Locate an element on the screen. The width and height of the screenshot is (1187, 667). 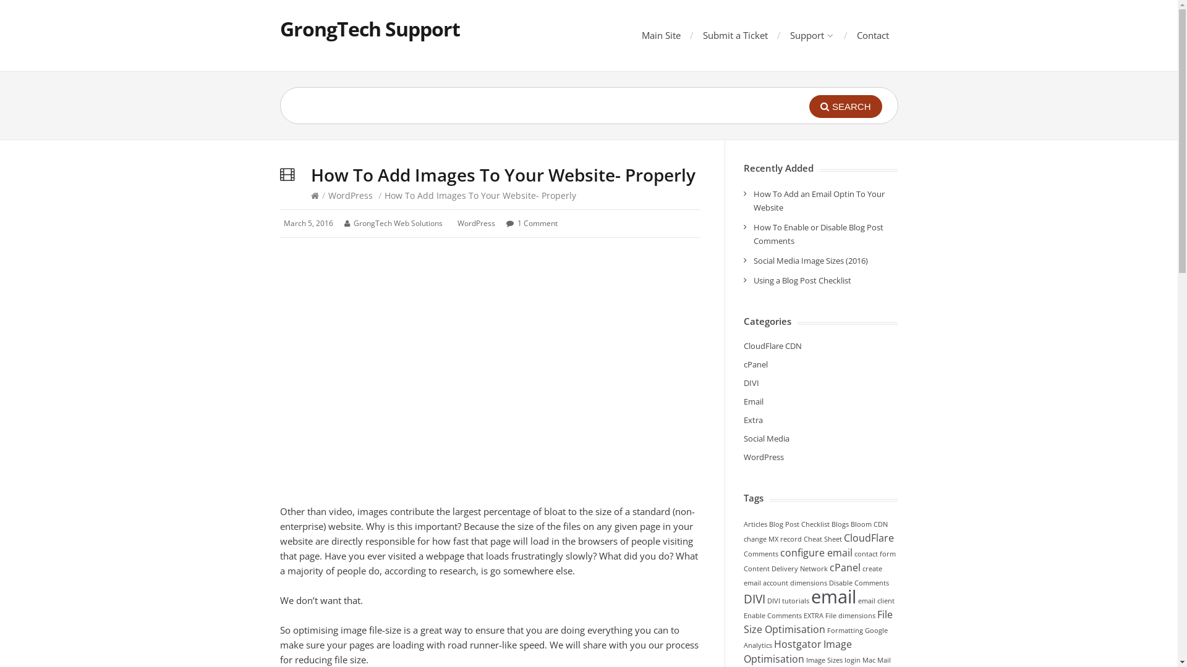
'Mac Mail' is located at coordinates (875, 659).